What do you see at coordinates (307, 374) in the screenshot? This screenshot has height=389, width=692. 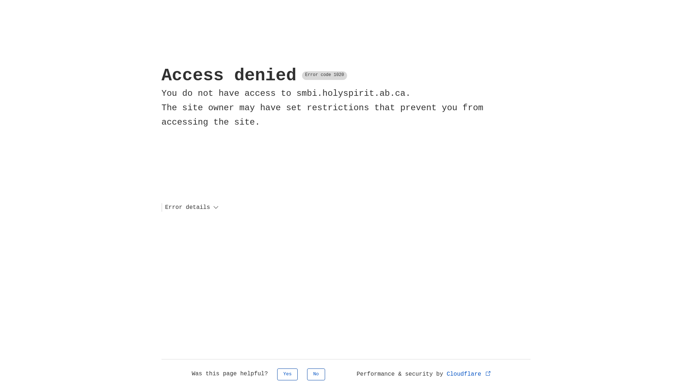 I see `'No'` at bounding box center [307, 374].